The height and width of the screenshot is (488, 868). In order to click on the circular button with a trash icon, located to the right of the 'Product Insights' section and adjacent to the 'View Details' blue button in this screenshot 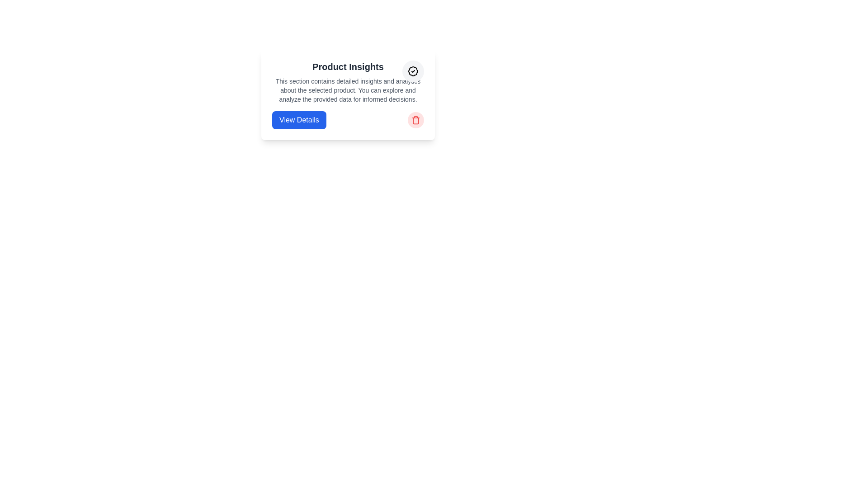, I will do `click(415, 120)`.